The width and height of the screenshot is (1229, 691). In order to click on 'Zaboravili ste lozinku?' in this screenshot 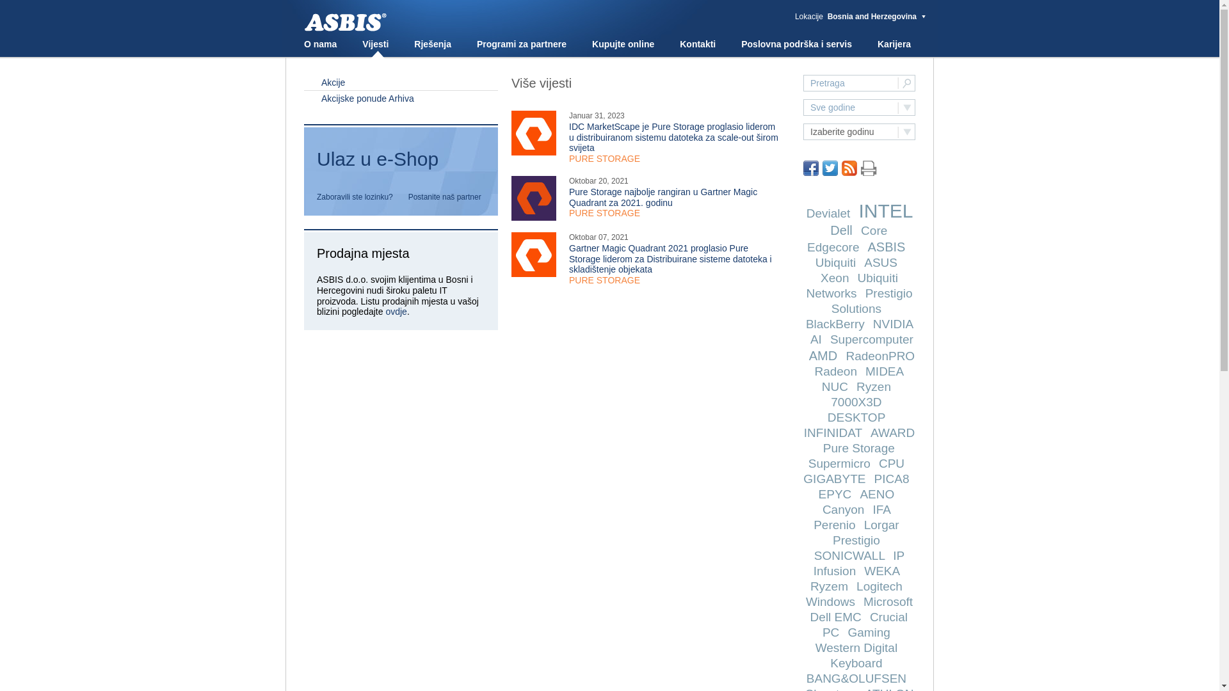, I will do `click(316, 197)`.